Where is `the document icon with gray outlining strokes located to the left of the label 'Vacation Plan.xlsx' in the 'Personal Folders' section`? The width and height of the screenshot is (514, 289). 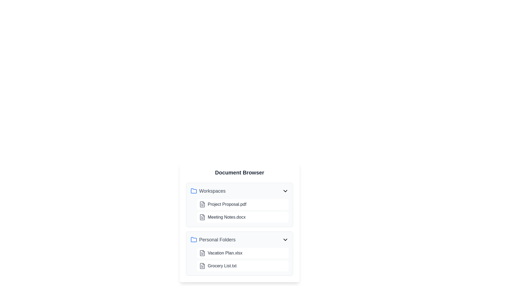
the document icon with gray outlining strokes located to the left of the label 'Vacation Plan.xlsx' in the 'Personal Folders' section is located at coordinates (202, 253).